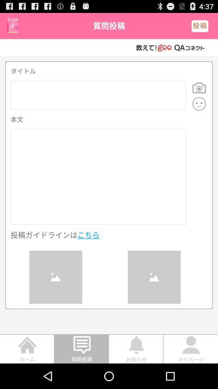 This screenshot has height=389, width=218. Describe the element at coordinates (199, 94) in the screenshot. I see `the photo icon` at that location.